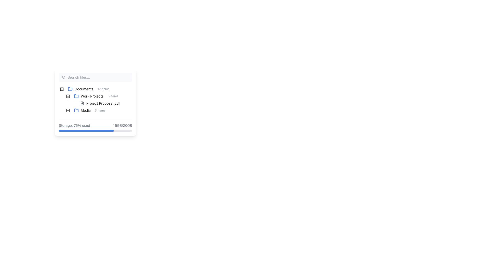 The image size is (489, 275). Describe the element at coordinates (102, 103) in the screenshot. I see `on the file representation labeled 'Project Proposal.pdf' in the 'Work Projects' folder` at that location.